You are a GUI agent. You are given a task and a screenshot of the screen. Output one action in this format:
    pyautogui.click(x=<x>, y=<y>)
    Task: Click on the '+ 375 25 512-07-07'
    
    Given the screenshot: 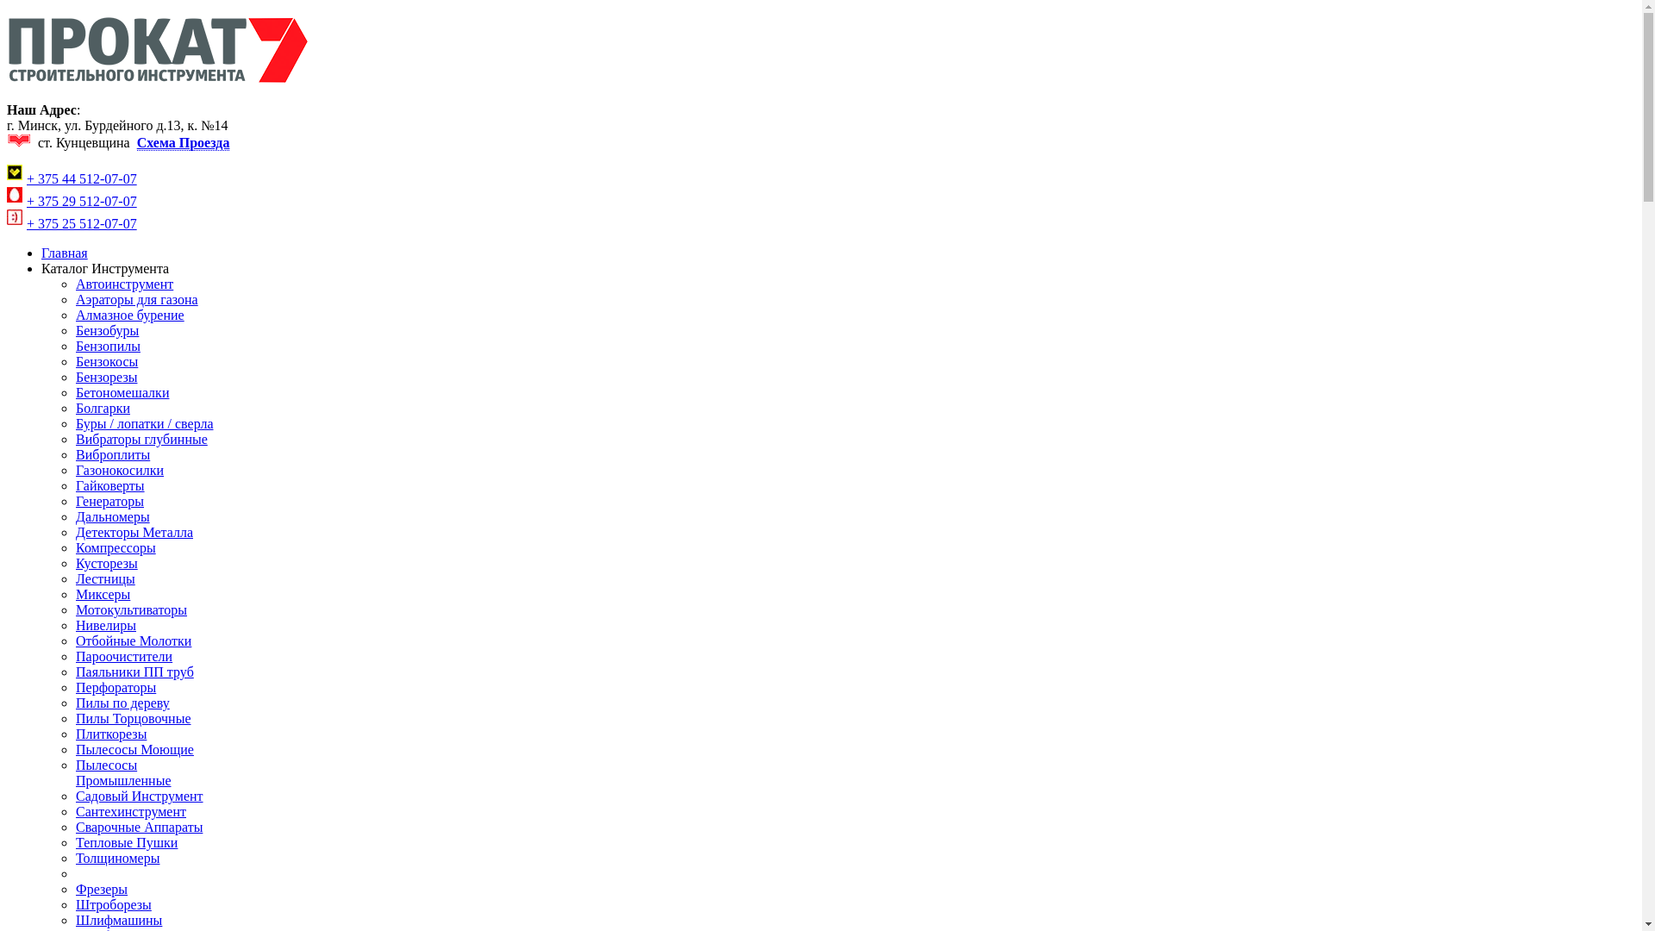 What is the action you would take?
    pyautogui.click(x=81, y=222)
    